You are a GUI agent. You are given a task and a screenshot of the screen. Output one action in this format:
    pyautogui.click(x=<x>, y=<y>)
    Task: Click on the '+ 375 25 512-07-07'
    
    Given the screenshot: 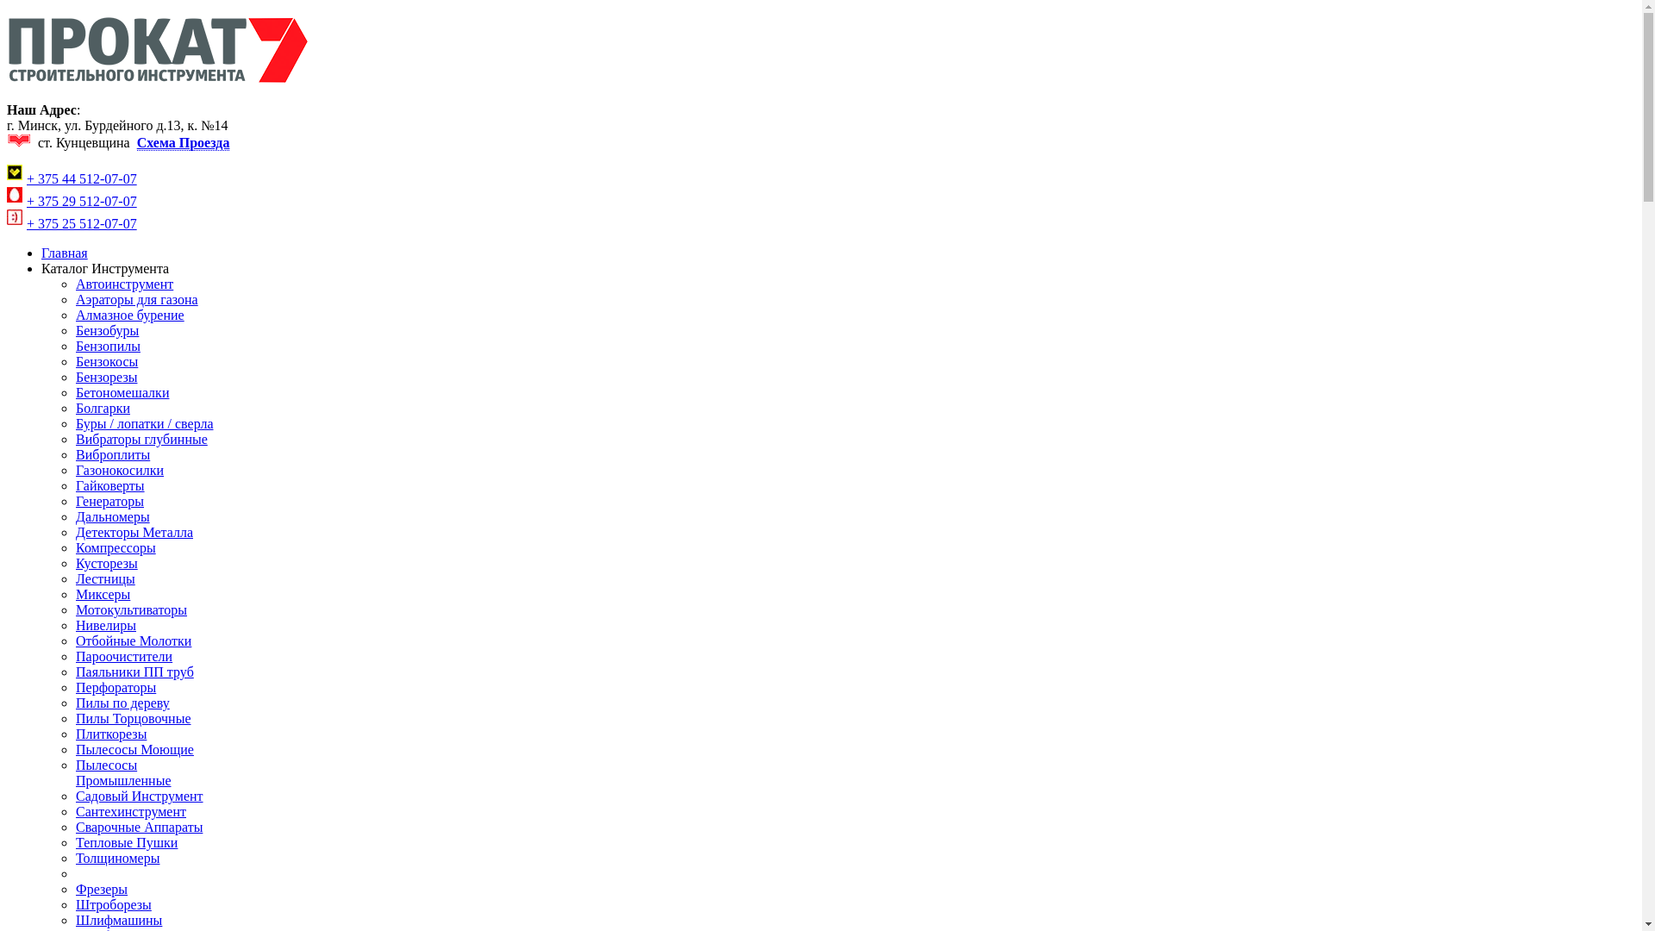 What is the action you would take?
    pyautogui.click(x=81, y=222)
    